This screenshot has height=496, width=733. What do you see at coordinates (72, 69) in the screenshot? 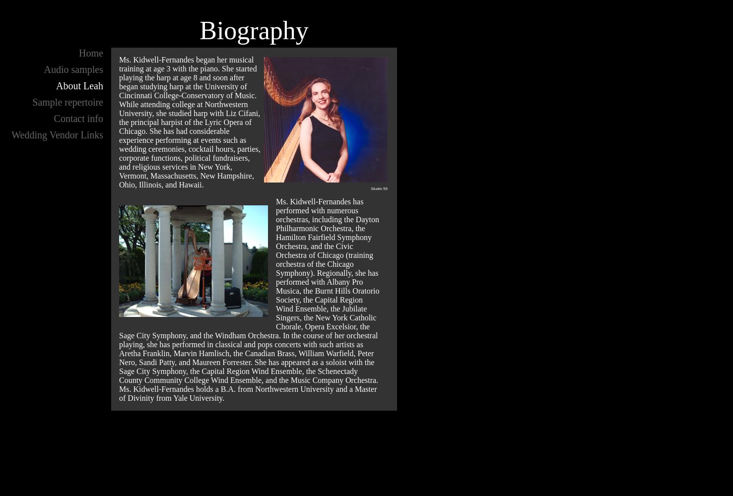
I see `'Audio samples'` at bounding box center [72, 69].